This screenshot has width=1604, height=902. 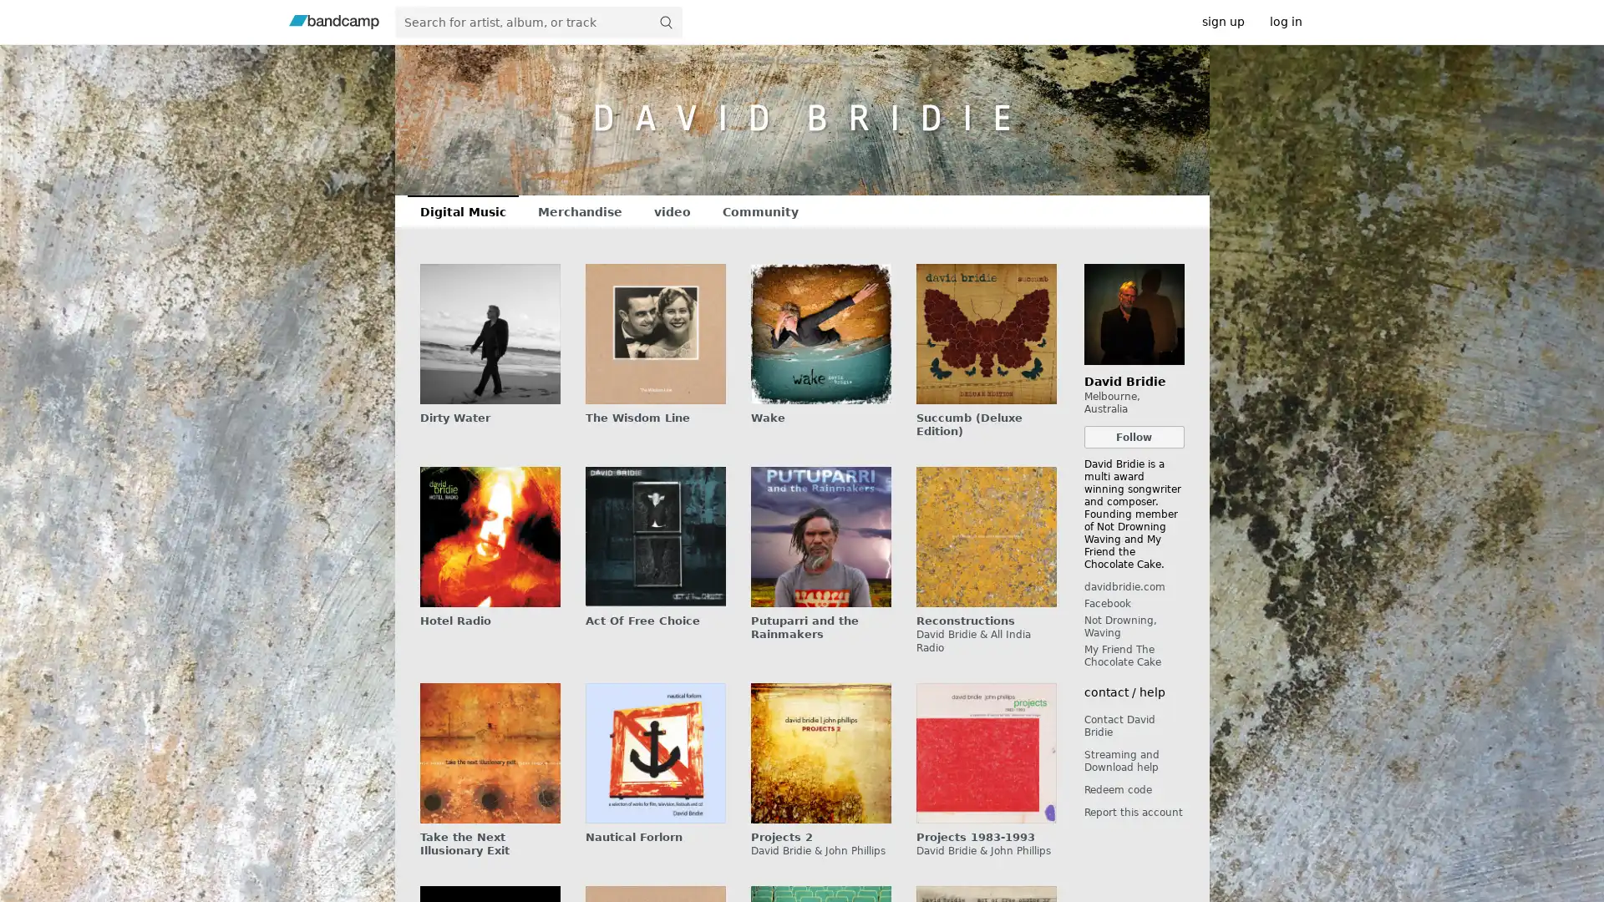 What do you see at coordinates (664, 22) in the screenshot?
I see `submit for full search page` at bounding box center [664, 22].